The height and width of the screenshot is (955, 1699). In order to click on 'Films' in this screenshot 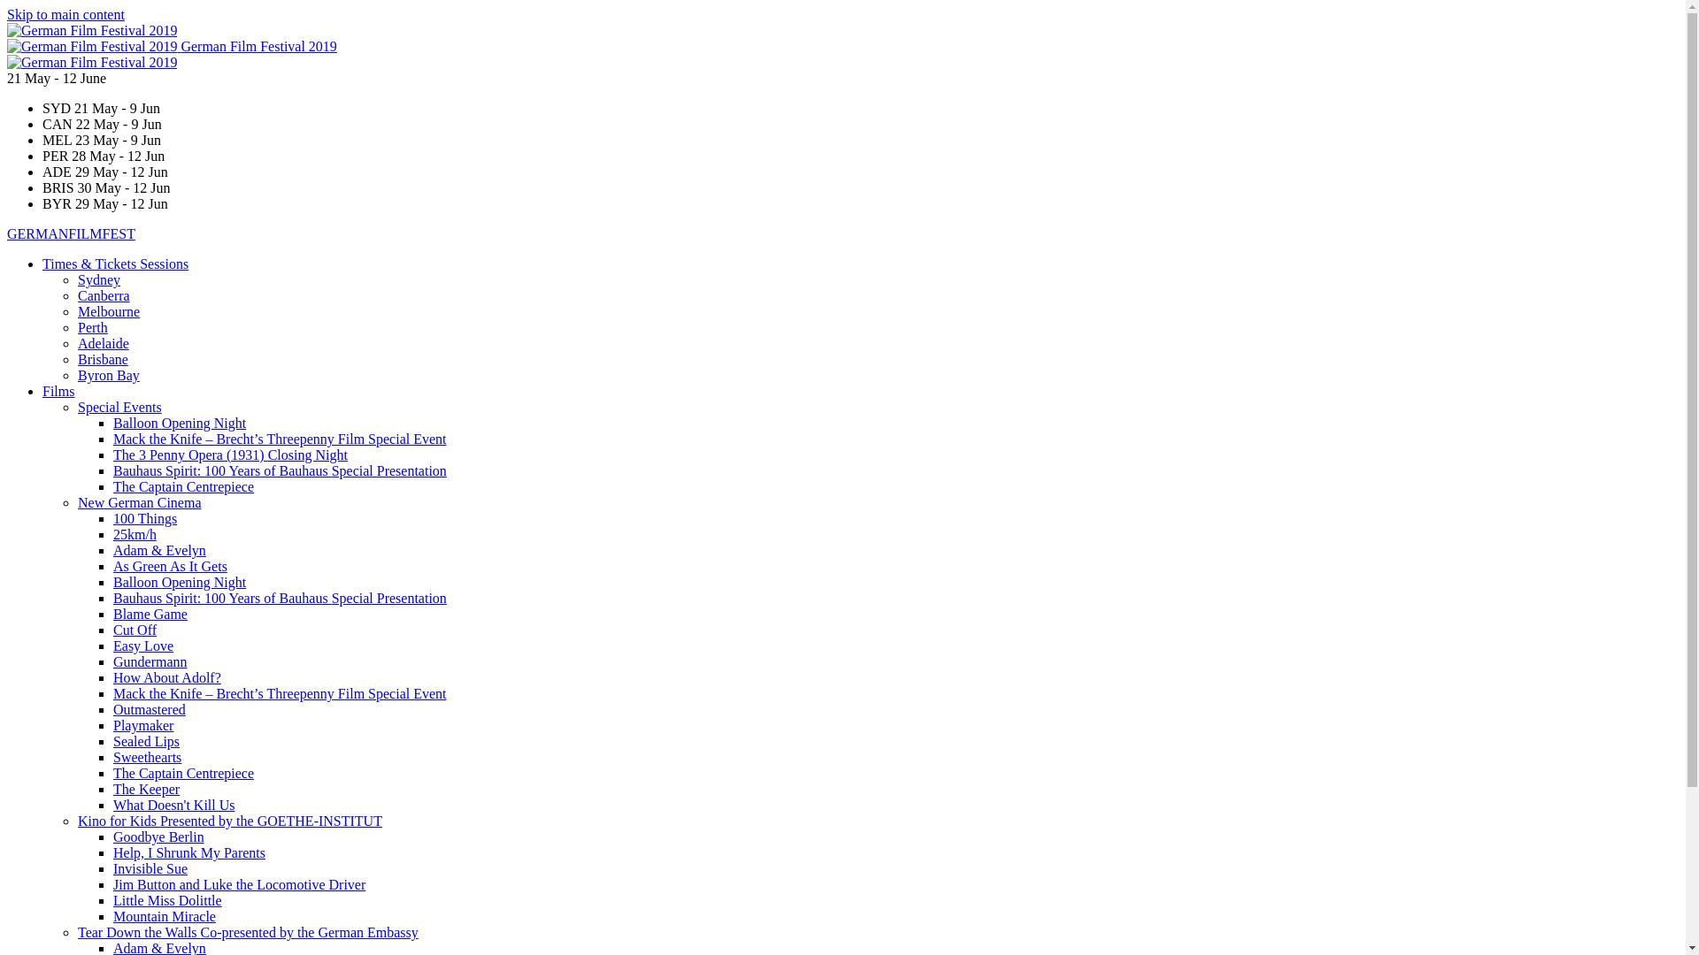, I will do `click(58, 390)`.